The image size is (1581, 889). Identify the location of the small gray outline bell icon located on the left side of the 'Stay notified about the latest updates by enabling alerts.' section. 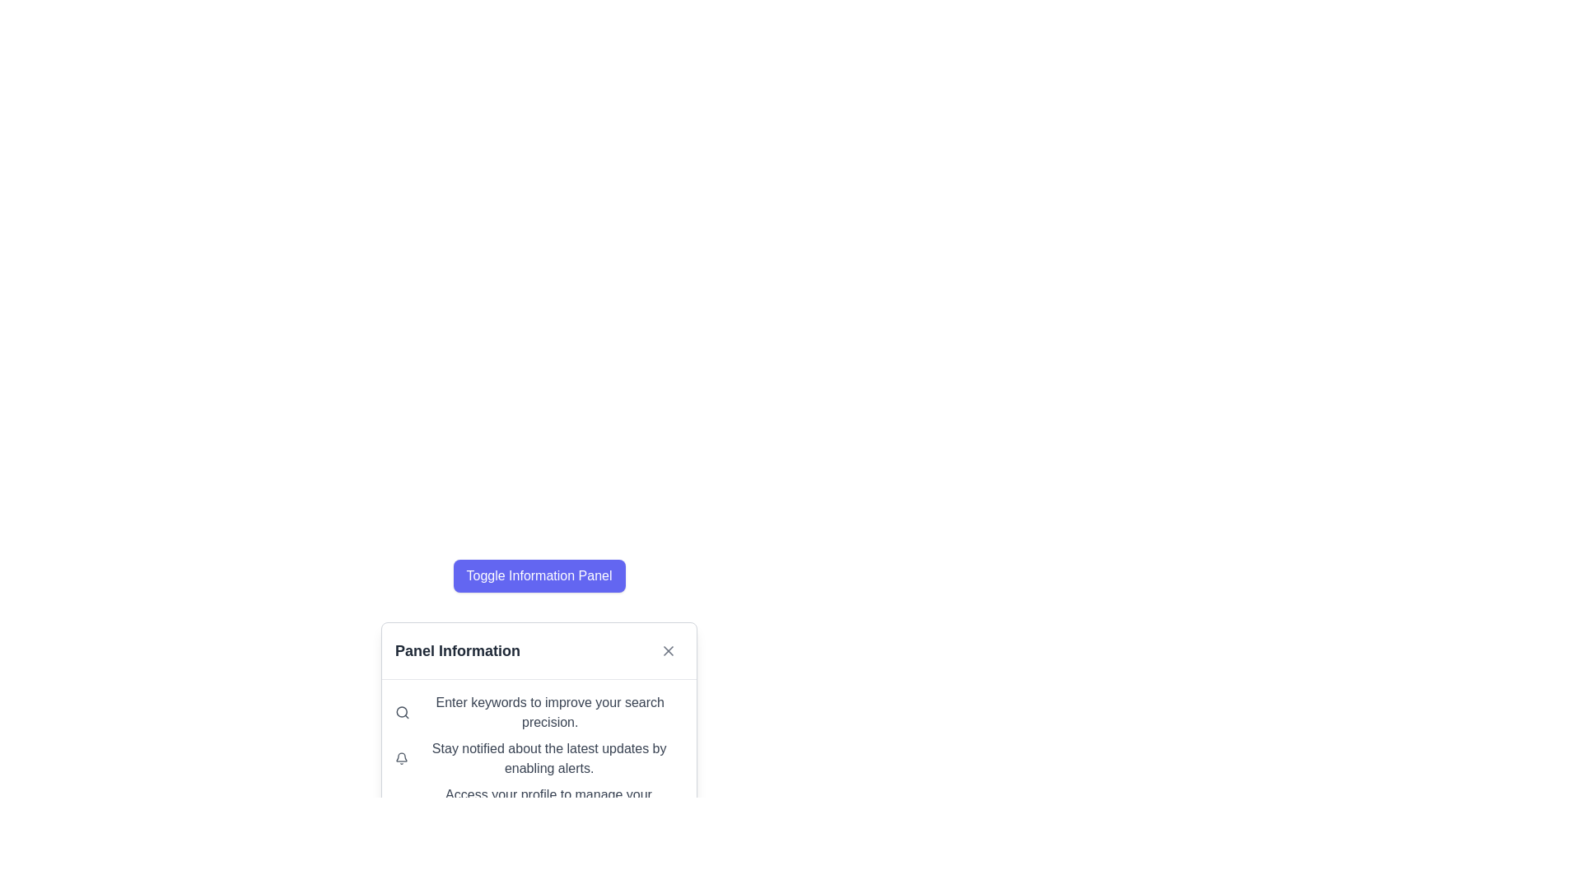
(402, 758).